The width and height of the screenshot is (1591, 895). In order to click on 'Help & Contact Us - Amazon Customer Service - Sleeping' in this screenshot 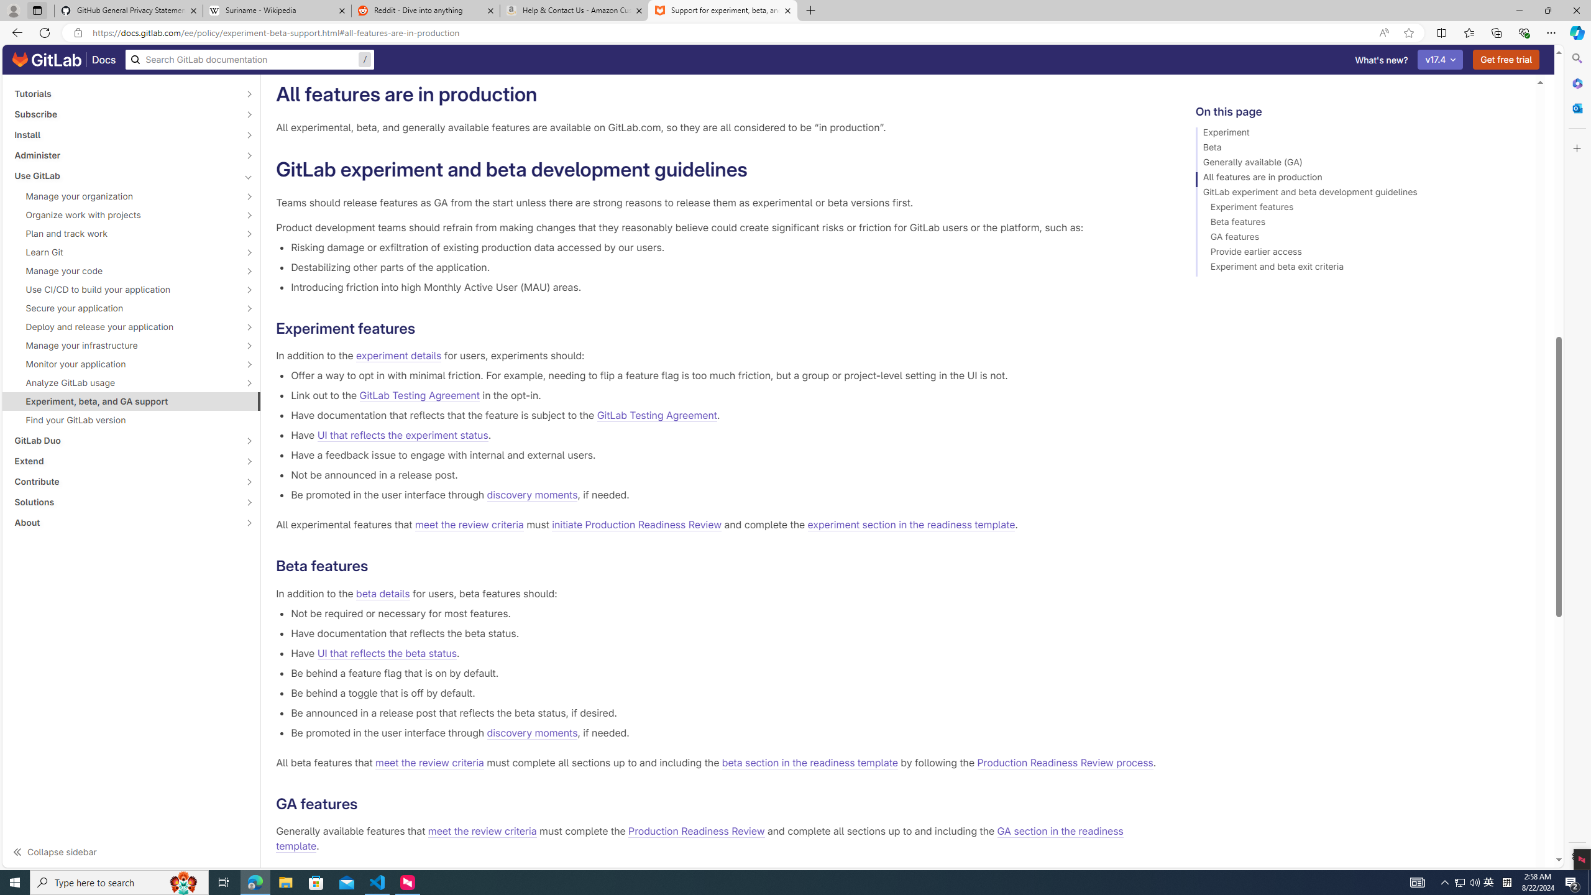, I will do `click(574, 10)`.